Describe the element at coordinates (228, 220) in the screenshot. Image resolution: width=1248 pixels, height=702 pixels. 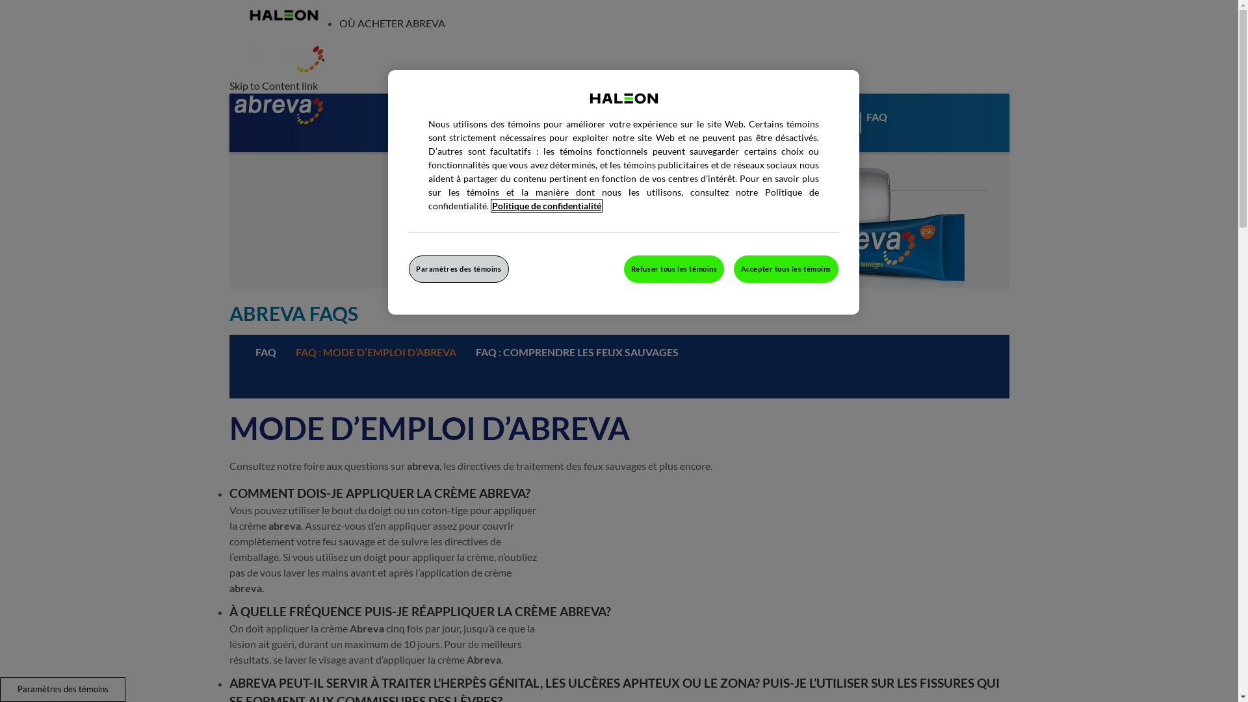
I see `'Deux tubes bleus de produits Abreva'` at that location.